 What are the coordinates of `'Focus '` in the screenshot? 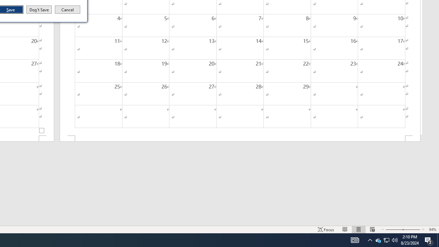 It's located at (326, 230).